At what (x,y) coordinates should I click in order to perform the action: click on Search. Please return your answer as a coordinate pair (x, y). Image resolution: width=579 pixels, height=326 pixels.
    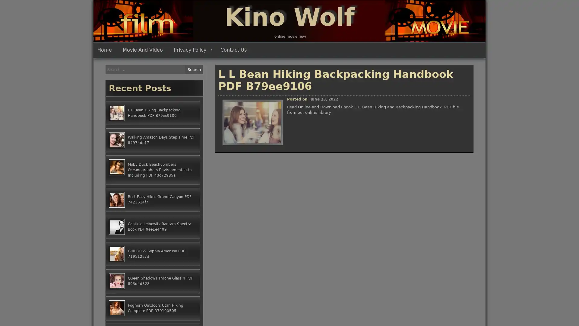
    Looking at the image, I should click on (194, 69).